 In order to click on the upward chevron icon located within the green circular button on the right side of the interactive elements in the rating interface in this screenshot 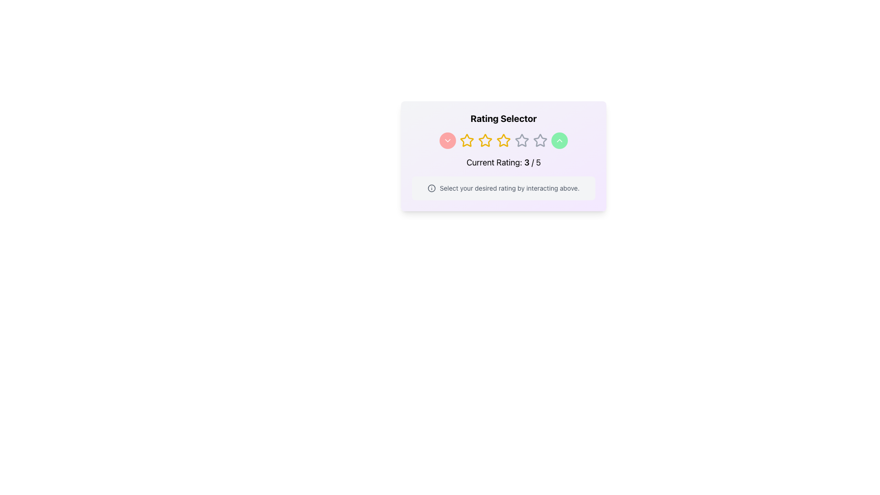, I will do `click(559, 141)`.